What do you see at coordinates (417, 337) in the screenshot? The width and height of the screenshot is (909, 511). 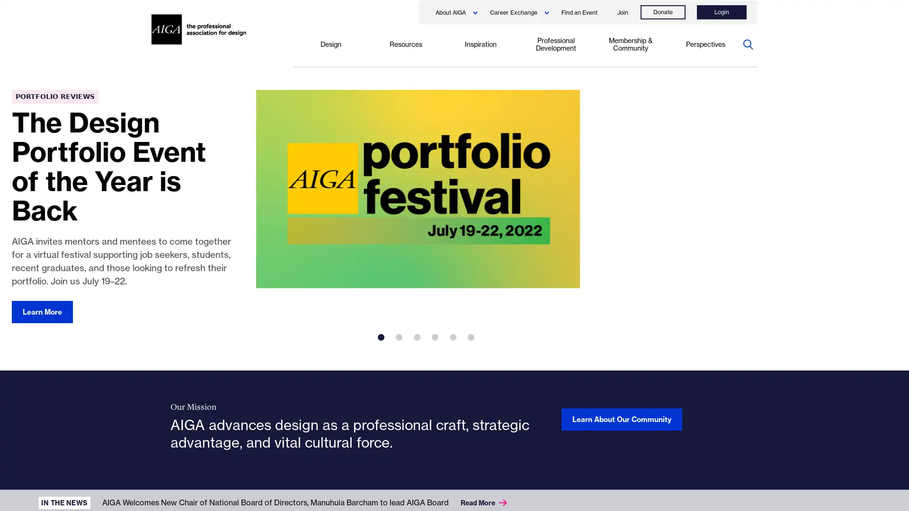 I see `3 of 6` at bounding box center [417, 337].